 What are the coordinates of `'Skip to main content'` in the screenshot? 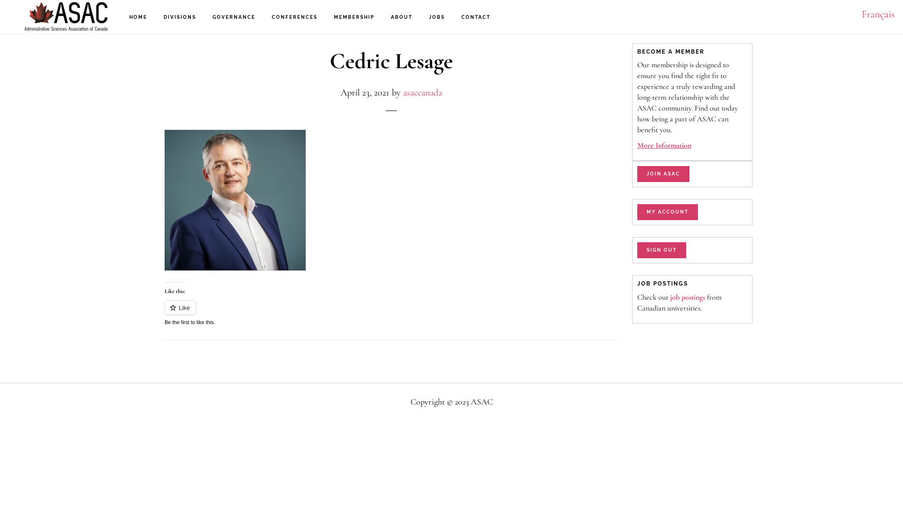 It's located at (0, 0).